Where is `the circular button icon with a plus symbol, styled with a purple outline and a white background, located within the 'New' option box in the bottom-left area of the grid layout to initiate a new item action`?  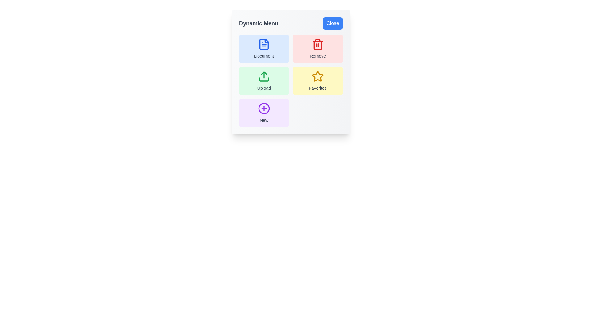 the circular button icon with a plus symbol, styled with a purple outline and a white background, located within the 'New' option box in the bottom-left area of the grid layout to initiate a new item action is located at coordinates (264, 108).